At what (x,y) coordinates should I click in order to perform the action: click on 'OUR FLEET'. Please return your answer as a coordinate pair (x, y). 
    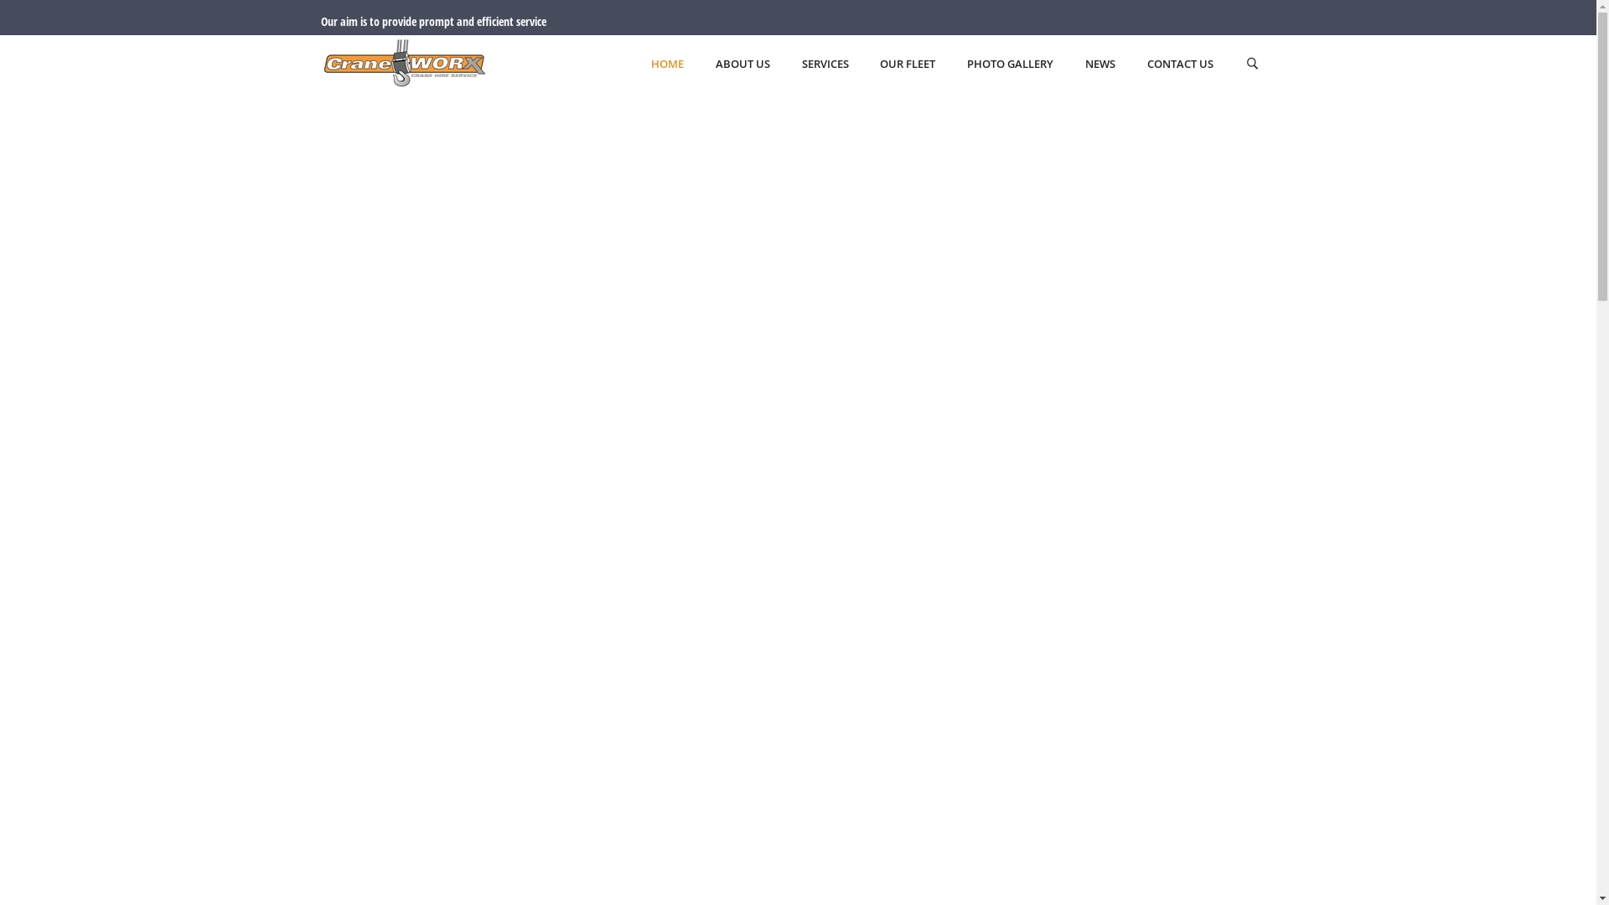
    Looking at the image, I should click on (907, 64).